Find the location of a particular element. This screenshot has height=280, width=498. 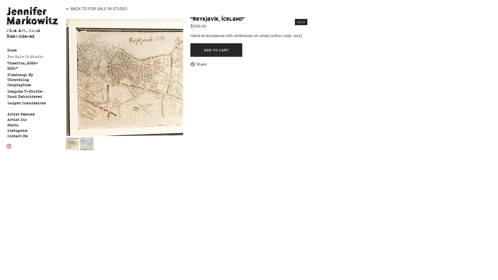

ADD TO CART is located at coordinates (216, 50).